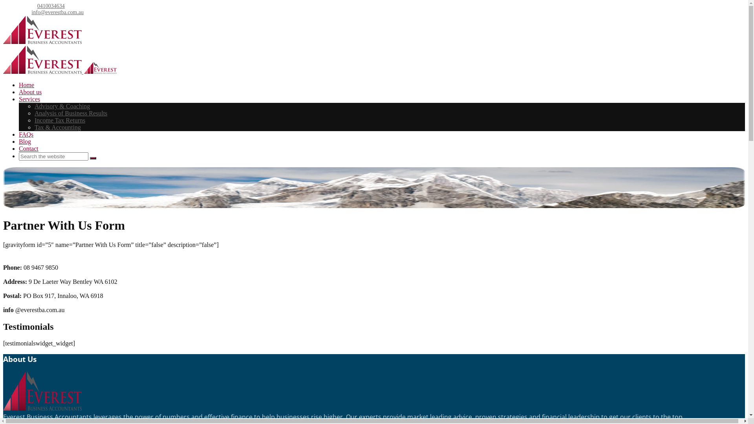 This screenshot has width=754, height=424. I want to click on 'Services', so click(19, 99).